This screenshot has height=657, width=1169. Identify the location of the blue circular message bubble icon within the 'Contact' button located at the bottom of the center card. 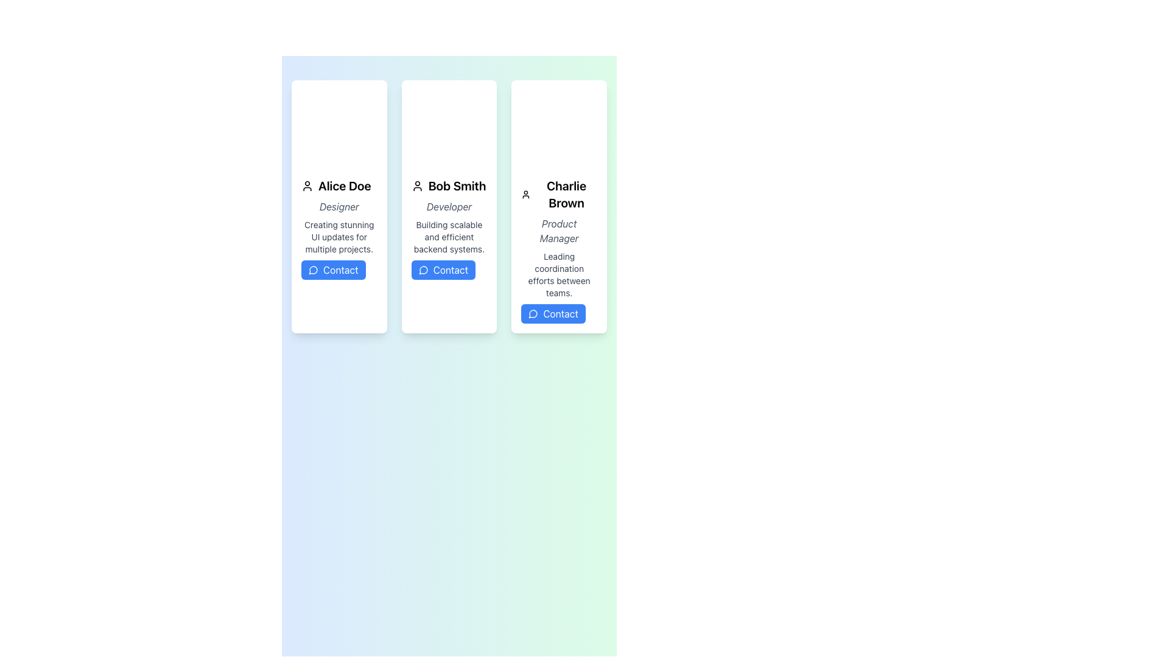
(423, 269).